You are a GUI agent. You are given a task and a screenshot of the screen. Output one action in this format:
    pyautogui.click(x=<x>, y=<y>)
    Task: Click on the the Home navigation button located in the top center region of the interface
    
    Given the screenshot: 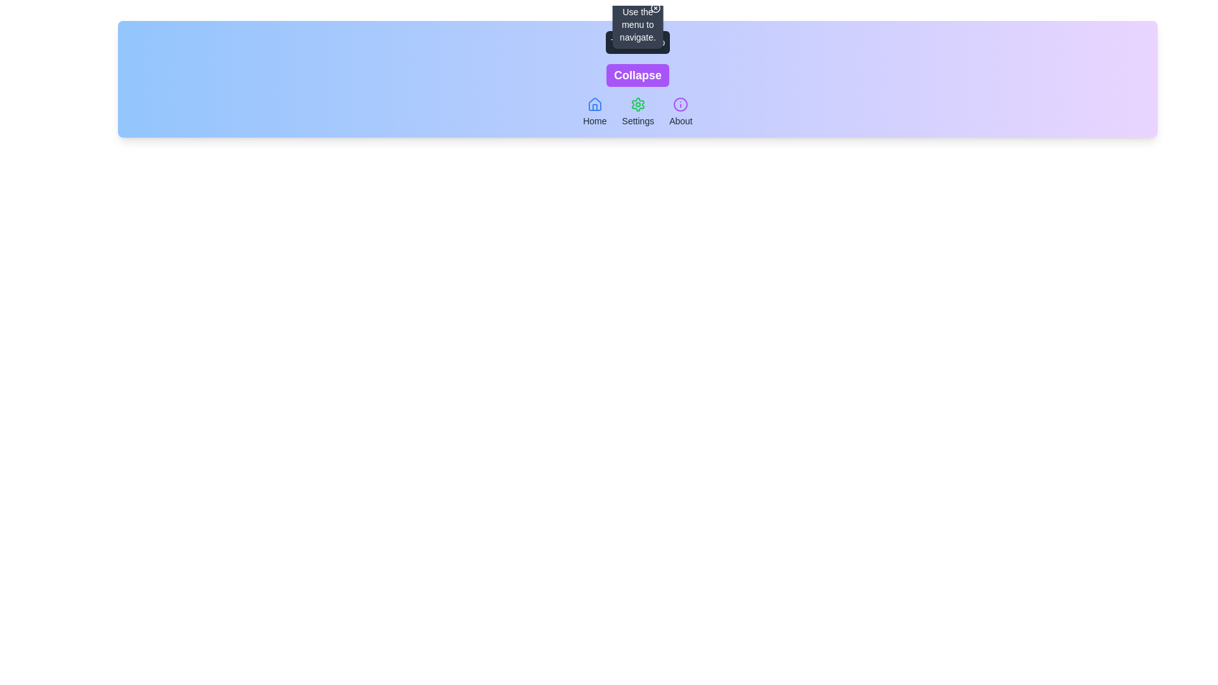 What is the action you would take?
    pyautogui.click(x=594, y=112)
    